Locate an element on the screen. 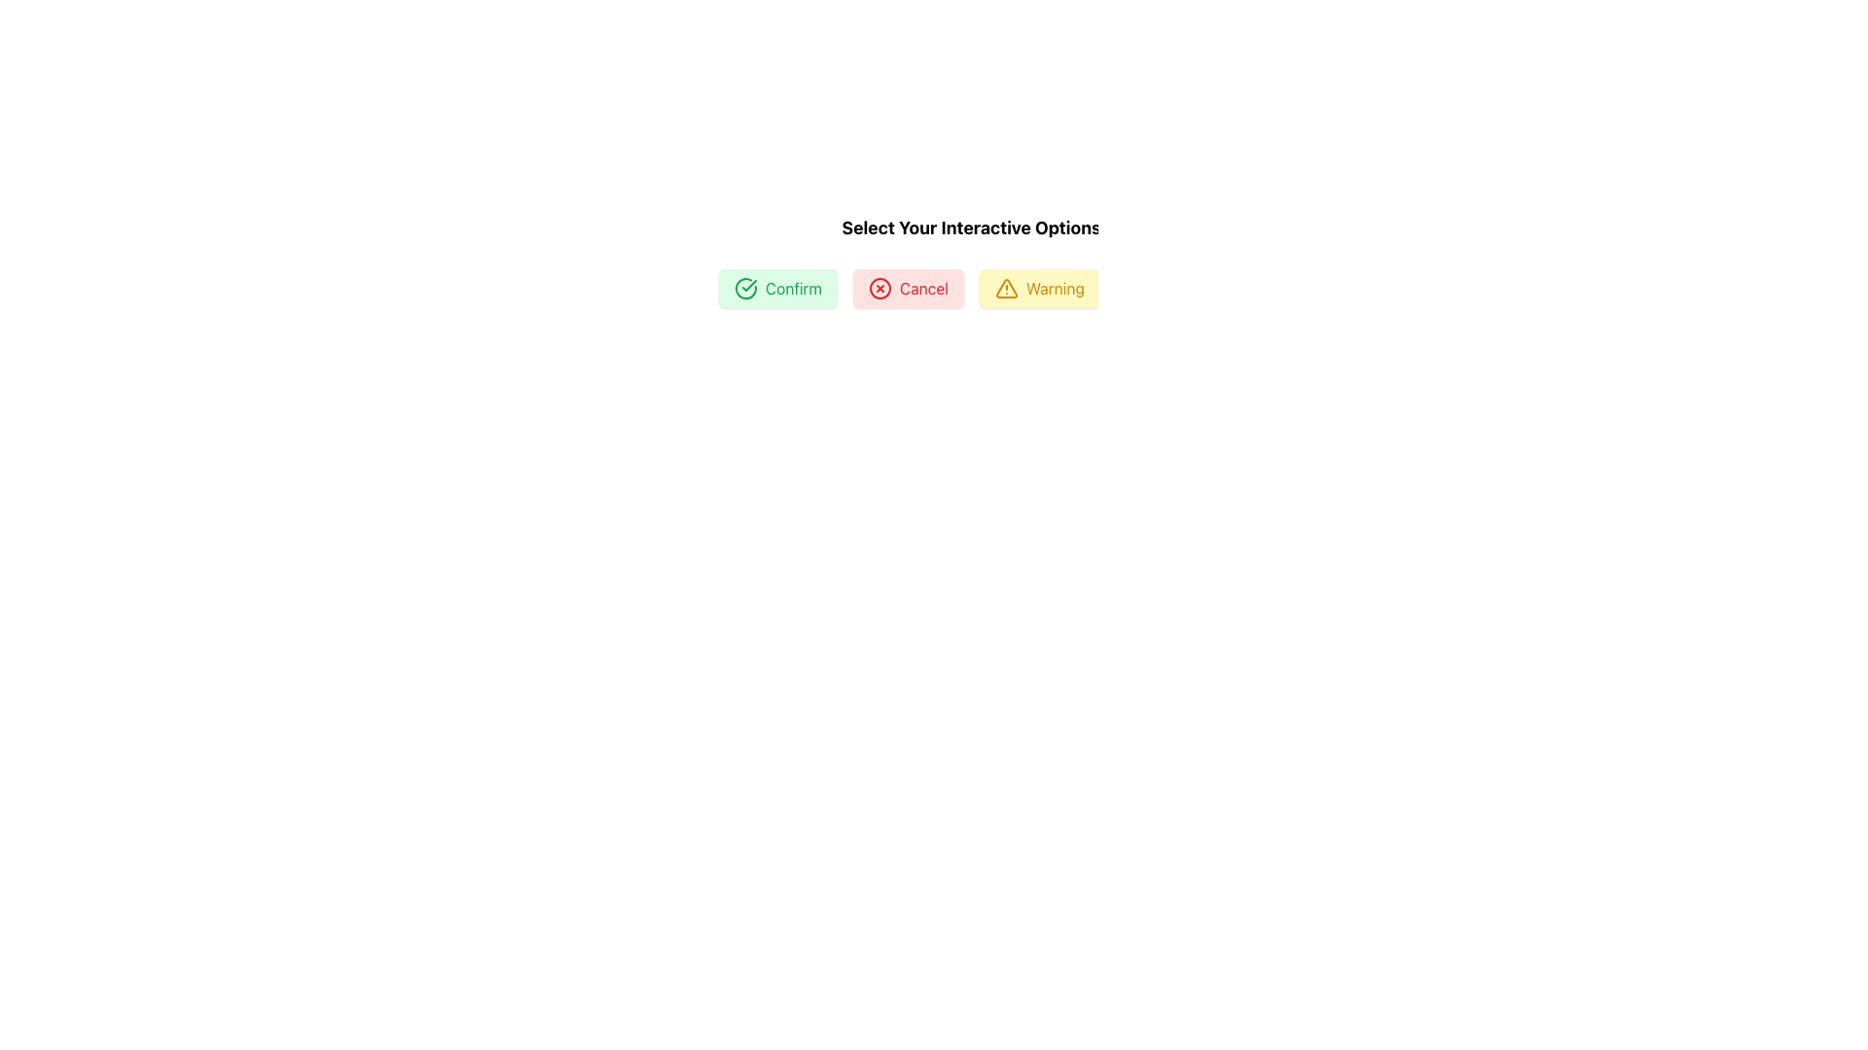  the red circular icon with an 'X' symbol inside, which is part of the 'Cancel' button grouping, located to the left of the 'Cancel' label is located at coordinates (879, 289).